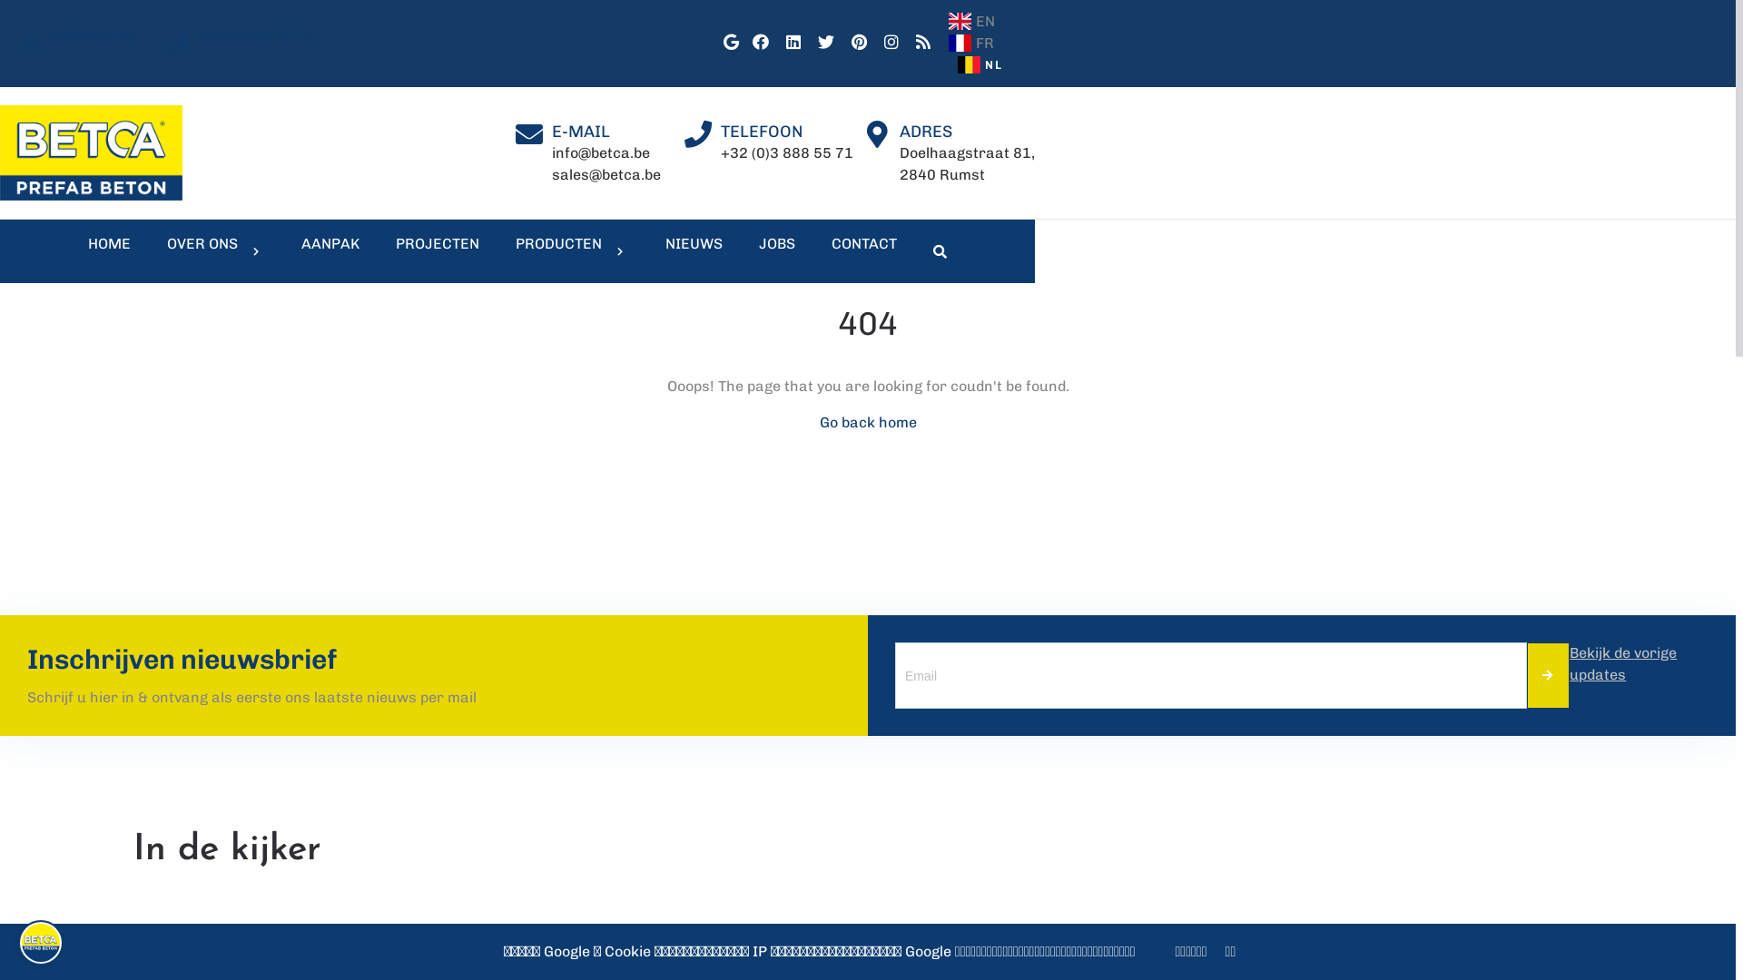 Image resolution: width=1743 pixels, height=980 pixels. What do you see at coordinates (606, 163) in the screenshot?
I see `'info@betca.be` at bounding box center [606, 163].